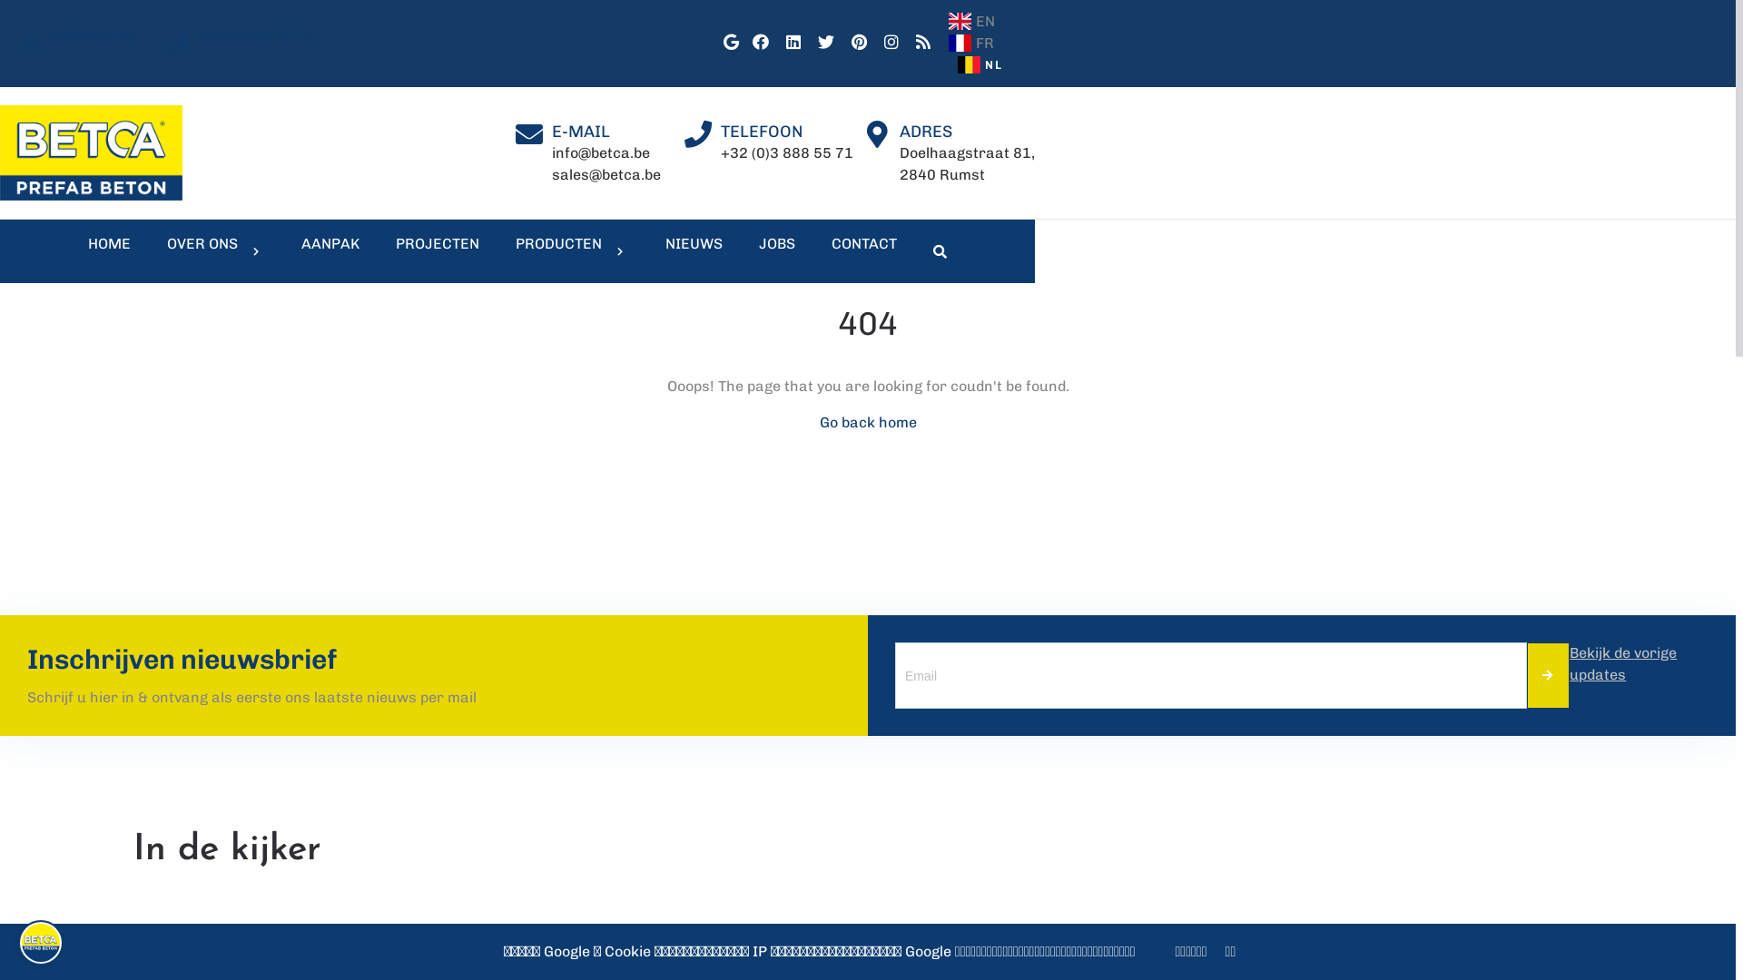 Image resolution: width=1743 pixels, height=980 pixels. What do you see at coordinates (606, 163) in the screenshot?
I see `'info@betca.be` at bounding box center [606, 163].